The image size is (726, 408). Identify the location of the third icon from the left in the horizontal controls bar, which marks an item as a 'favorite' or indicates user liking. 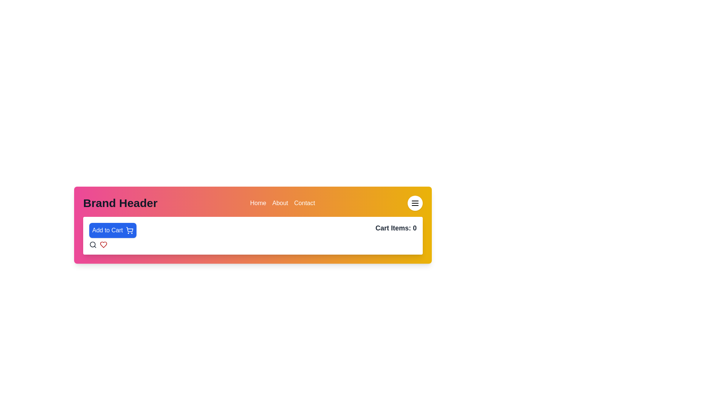
(103, 245).